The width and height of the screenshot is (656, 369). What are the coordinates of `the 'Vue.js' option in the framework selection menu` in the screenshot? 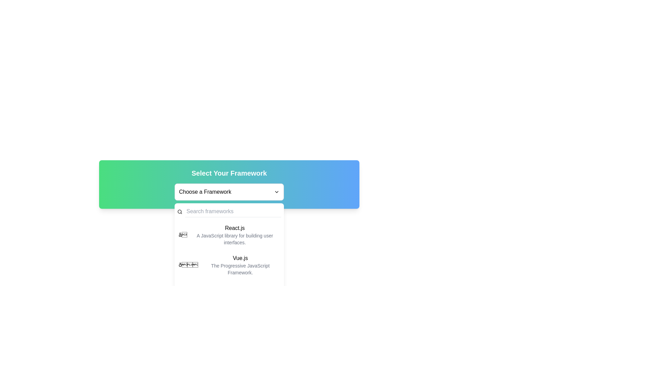 It's located at (240, 258).